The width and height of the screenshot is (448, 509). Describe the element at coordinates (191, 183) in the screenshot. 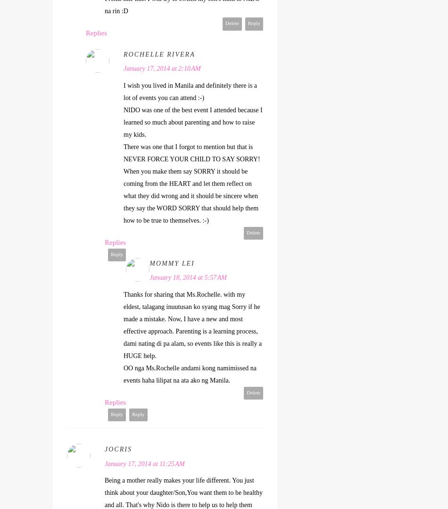

I see `'There was one that I forgot to mention but that is NEVER FORCE YOUR CHILD TO SAY SORRY! When you make them say SORRY it should be coming from the HEART and let them reflect on what they did wrong and it should be sincere when they say the WORD SORRY that should help them how to be true to themselves. :-)'` at that location.